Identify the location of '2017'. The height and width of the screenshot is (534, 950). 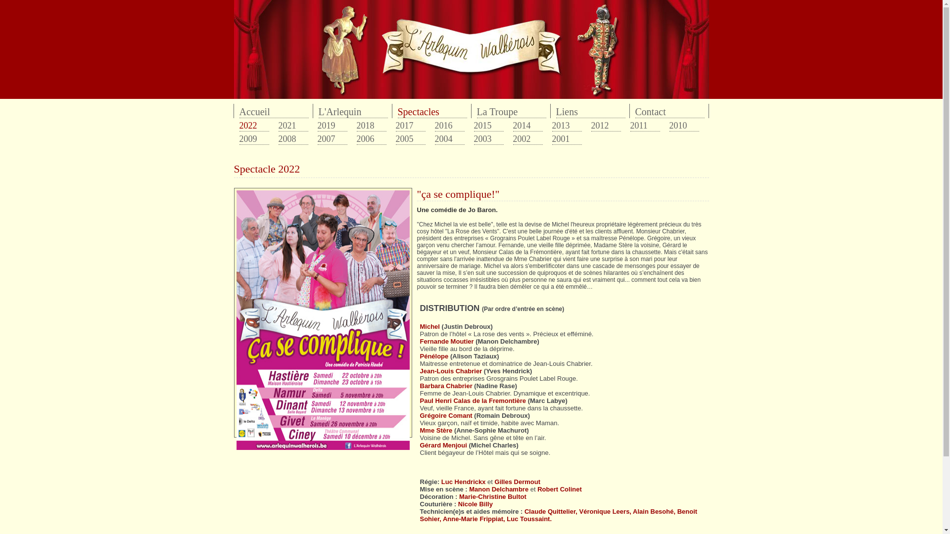
(411, 125).